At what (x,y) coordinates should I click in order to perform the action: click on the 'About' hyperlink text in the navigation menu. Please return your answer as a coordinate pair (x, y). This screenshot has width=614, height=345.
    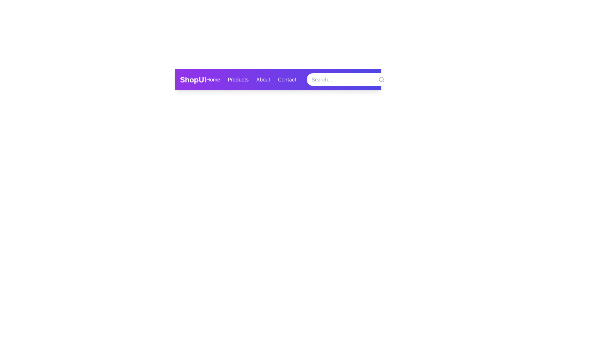
    Looking at the image, I should click on (263, 79).